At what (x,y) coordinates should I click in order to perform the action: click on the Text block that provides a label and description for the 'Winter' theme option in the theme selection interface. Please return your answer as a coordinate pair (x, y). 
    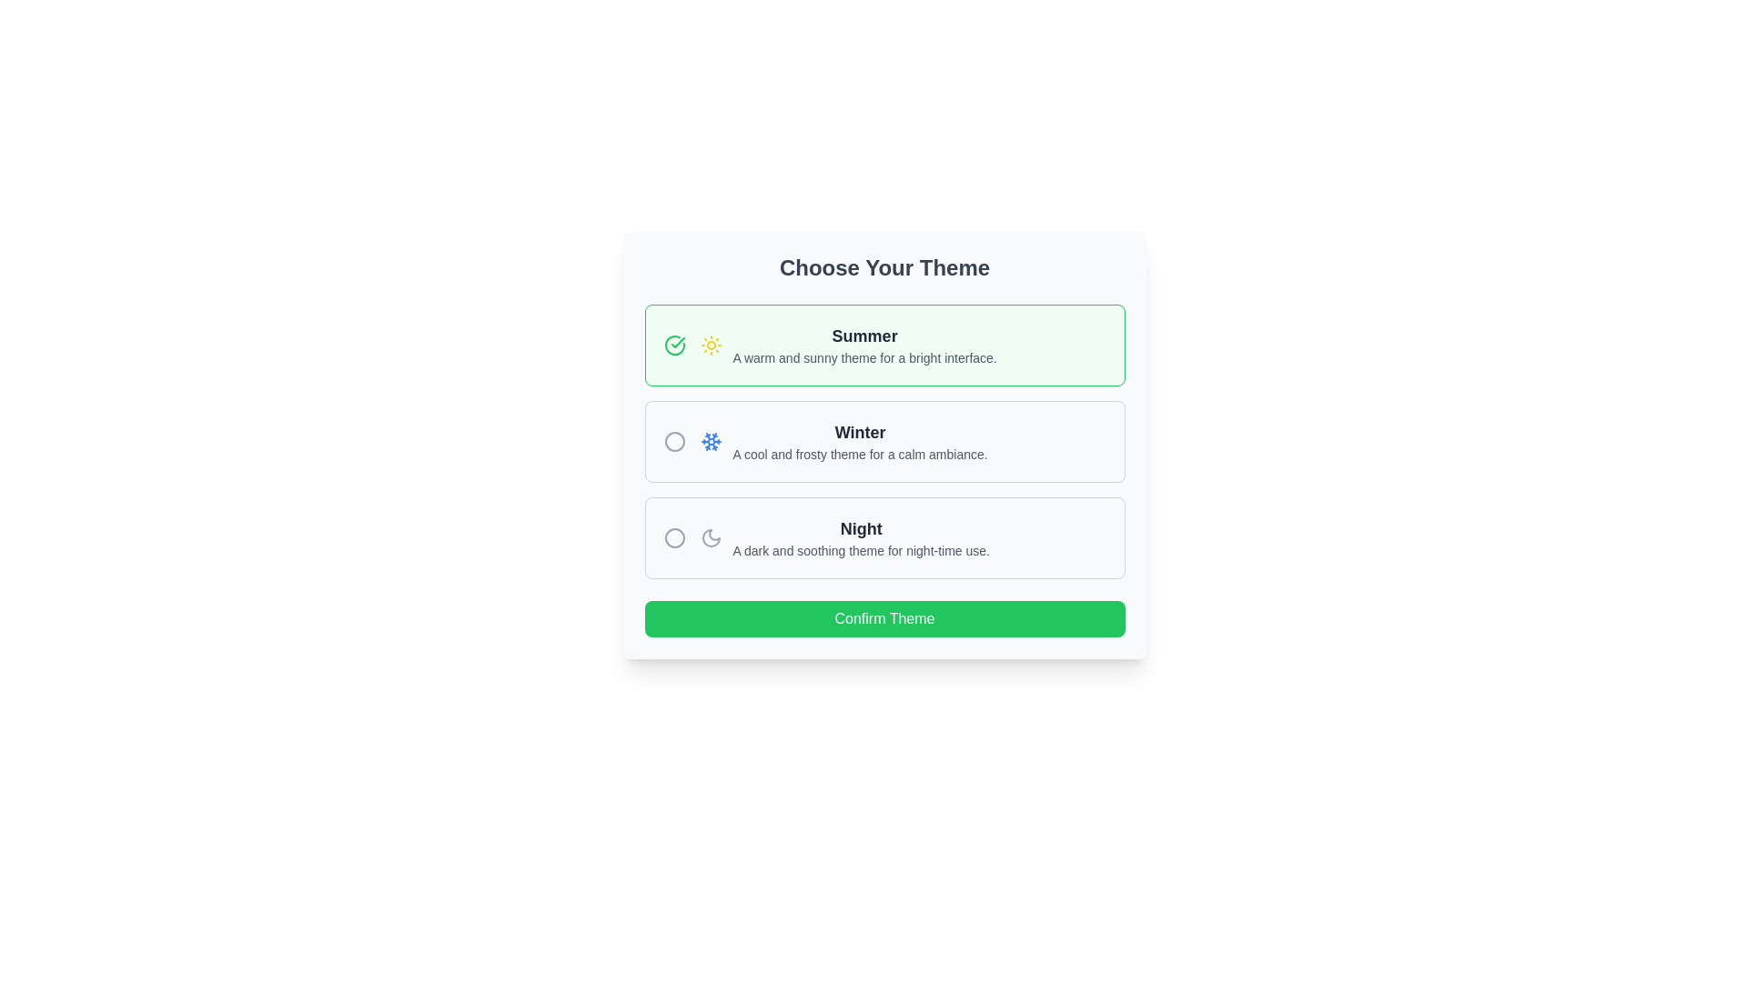
    Looking at the image, I should click on (843, 442).